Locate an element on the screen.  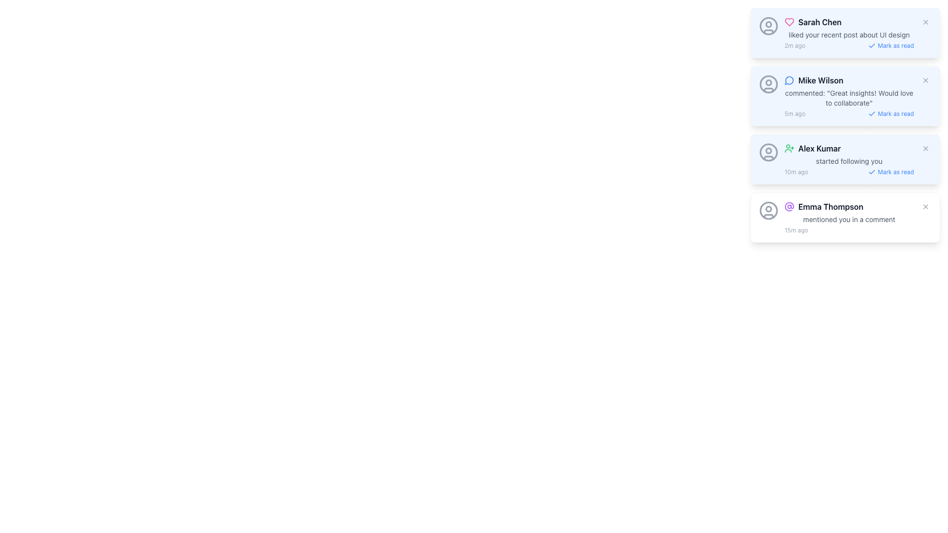
the user avatar icon located in the upper-left of the notification card related to 'Sarah Chen' is located at coordinates (768, 26).